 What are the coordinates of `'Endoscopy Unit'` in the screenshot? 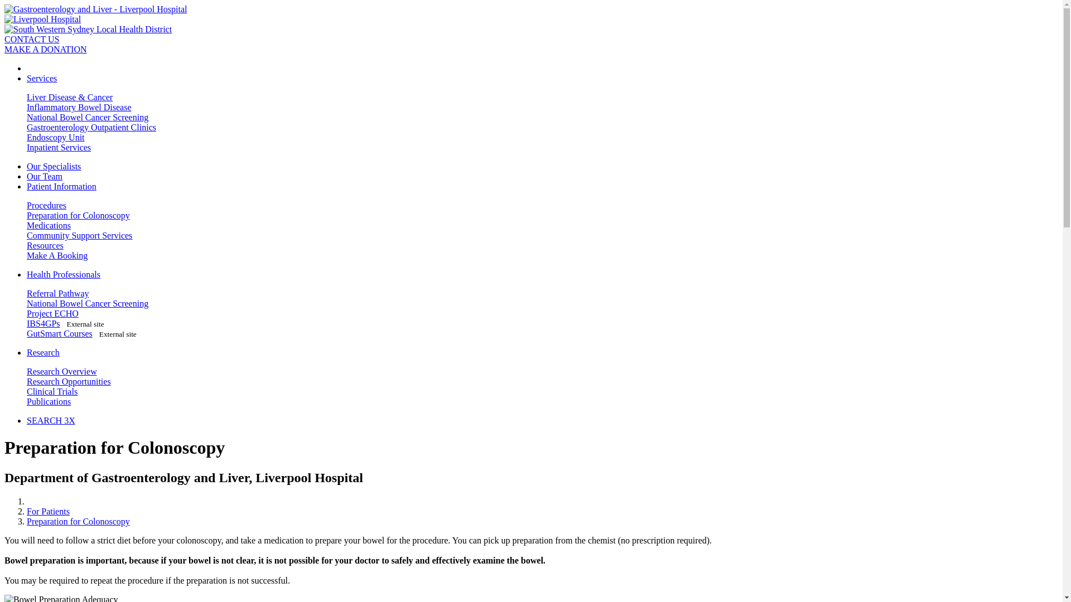 It's located at (55, 137).